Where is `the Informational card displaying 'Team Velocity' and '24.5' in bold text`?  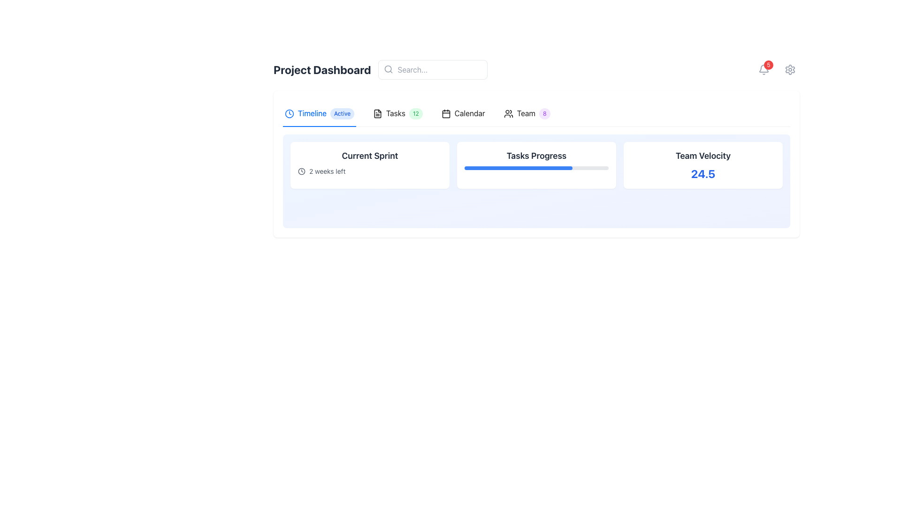
the Informational card displaying 'Team Velocity' and '24.5' in bold text is located at coordinates (703, 165).